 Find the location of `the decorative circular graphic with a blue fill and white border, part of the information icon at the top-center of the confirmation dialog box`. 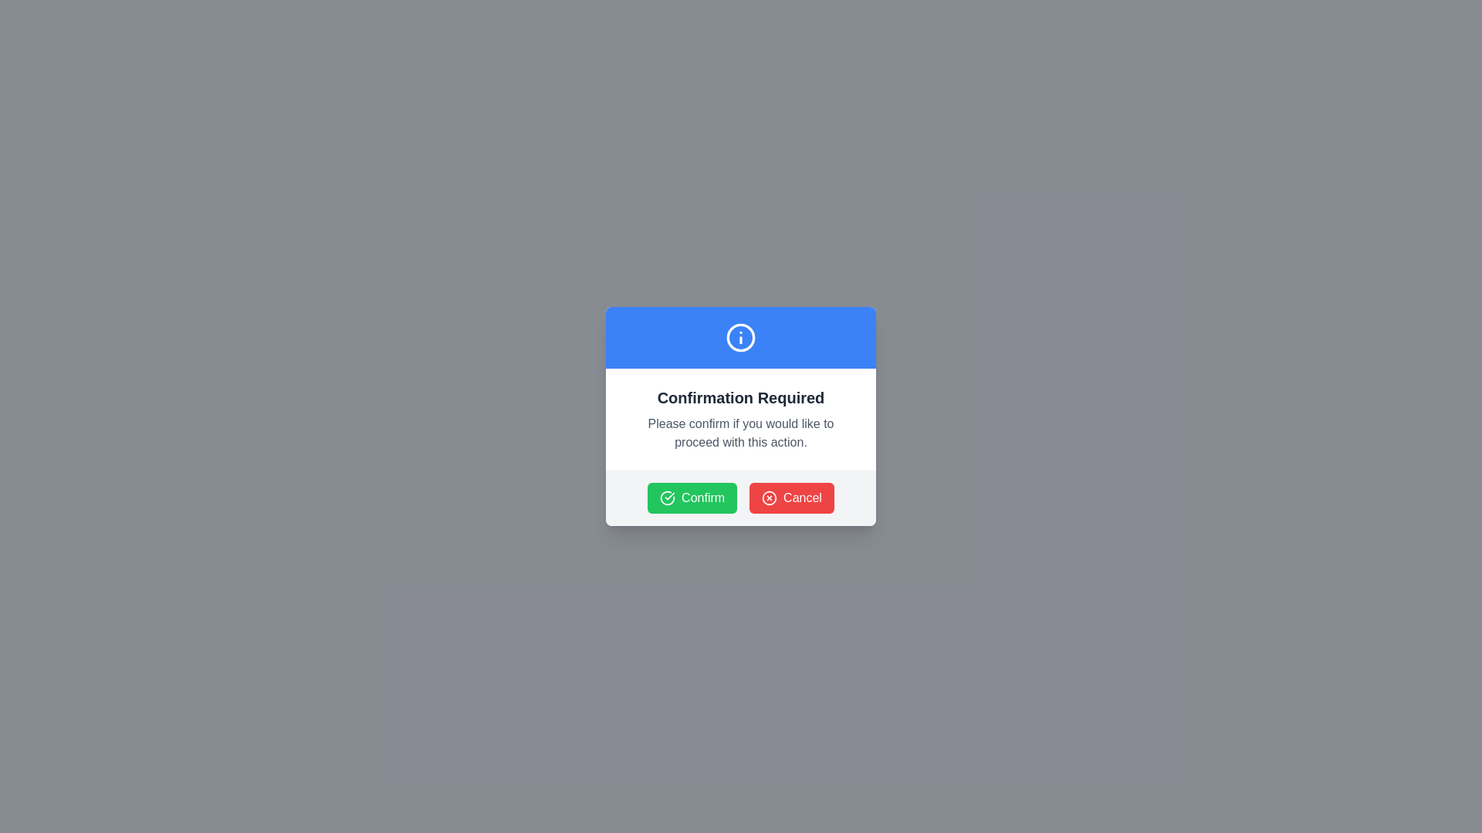

the decorative circular graphic with a blue fill and white border, part of the information icon at the top-center of the confirmation dialog box is located at coordinates (741, 337).